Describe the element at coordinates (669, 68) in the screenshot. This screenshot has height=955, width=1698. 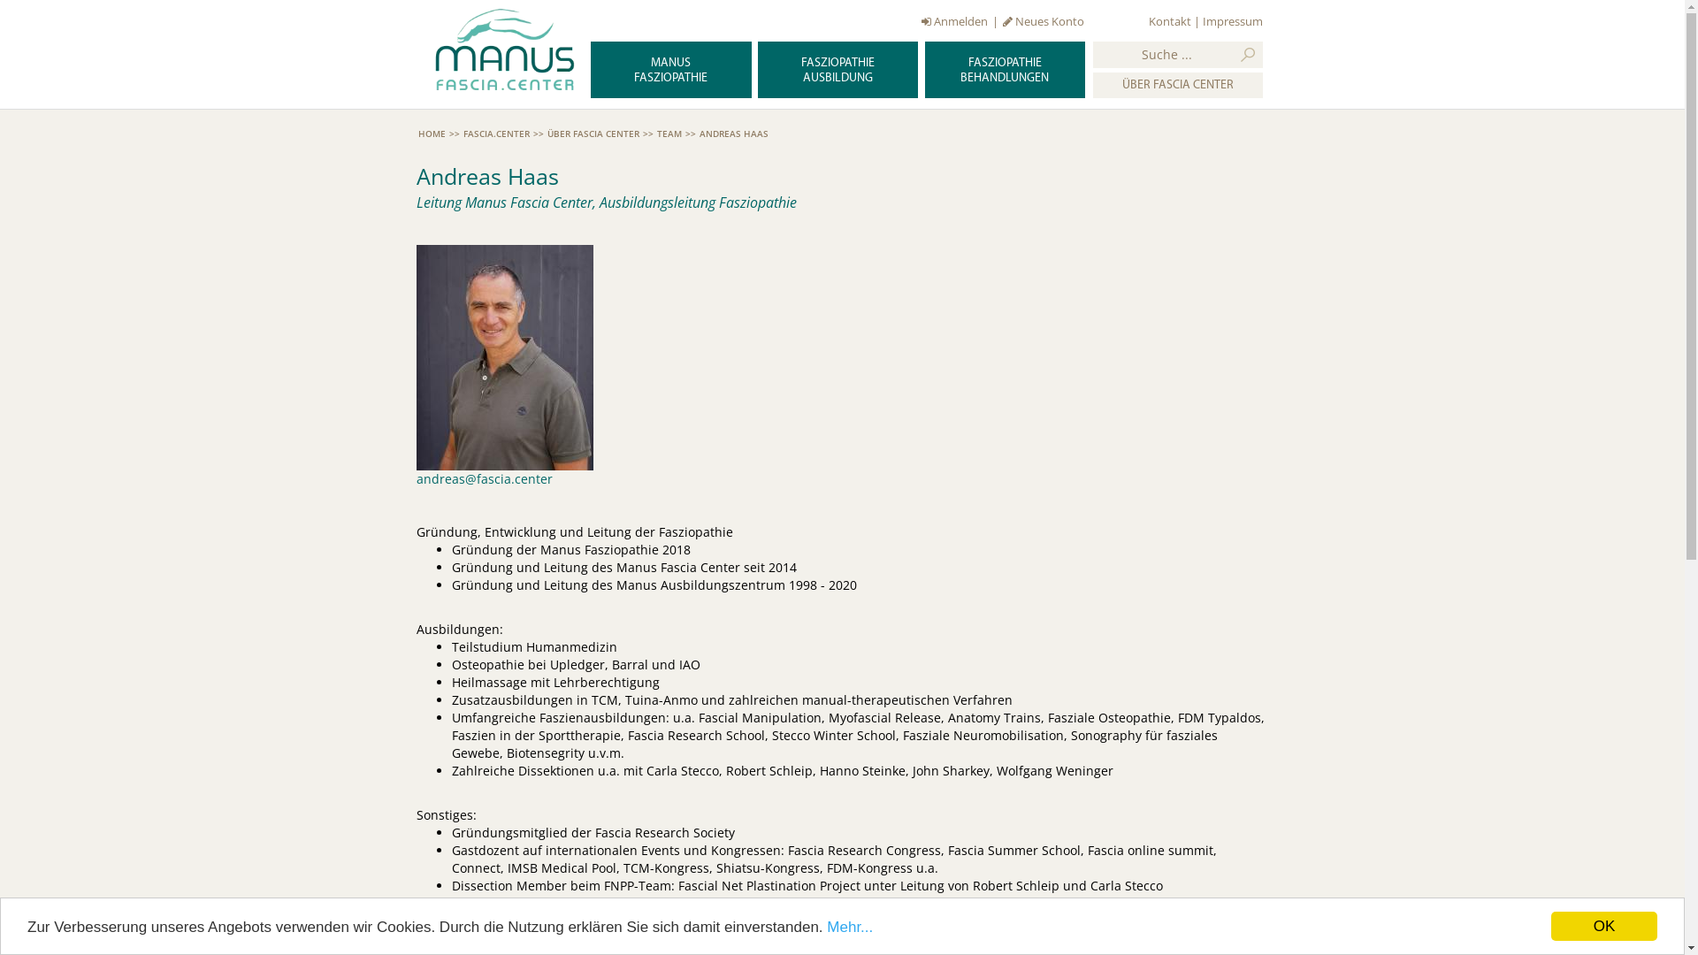
I see `'MANUS FASZIOPATHIE'` at that location.